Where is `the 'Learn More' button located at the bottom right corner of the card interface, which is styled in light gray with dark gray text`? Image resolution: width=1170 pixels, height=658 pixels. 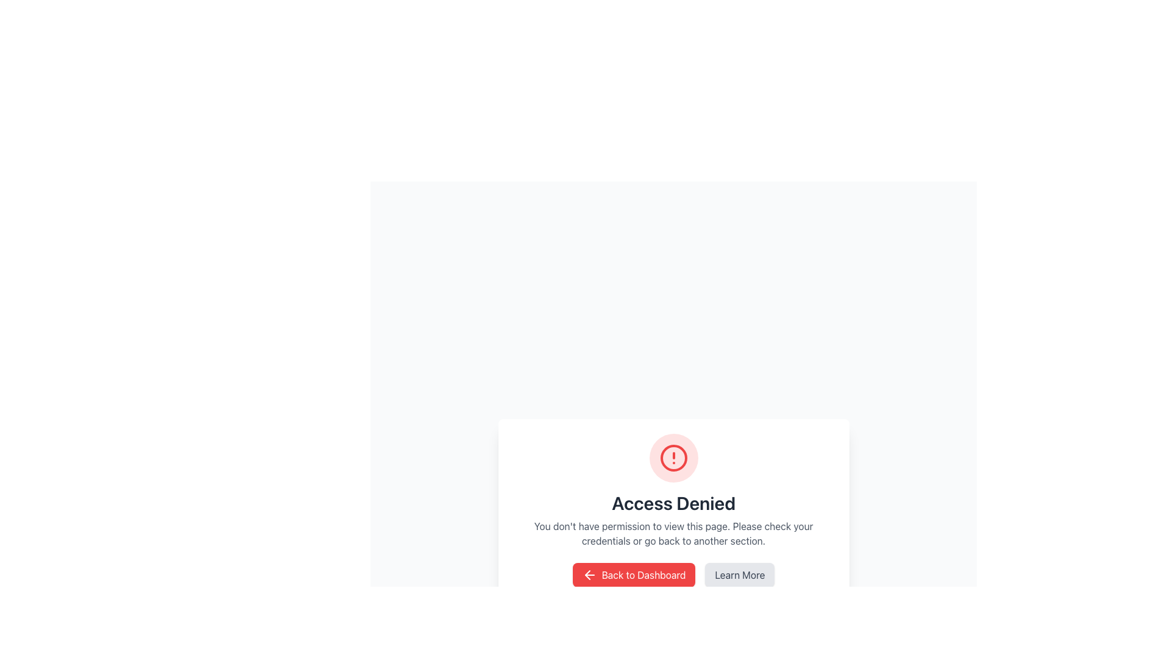
the 'Learn More' button located at the bottom right corner of the card interface, which is styled in light gray with dark gray text is located at coordinates (739, 575).